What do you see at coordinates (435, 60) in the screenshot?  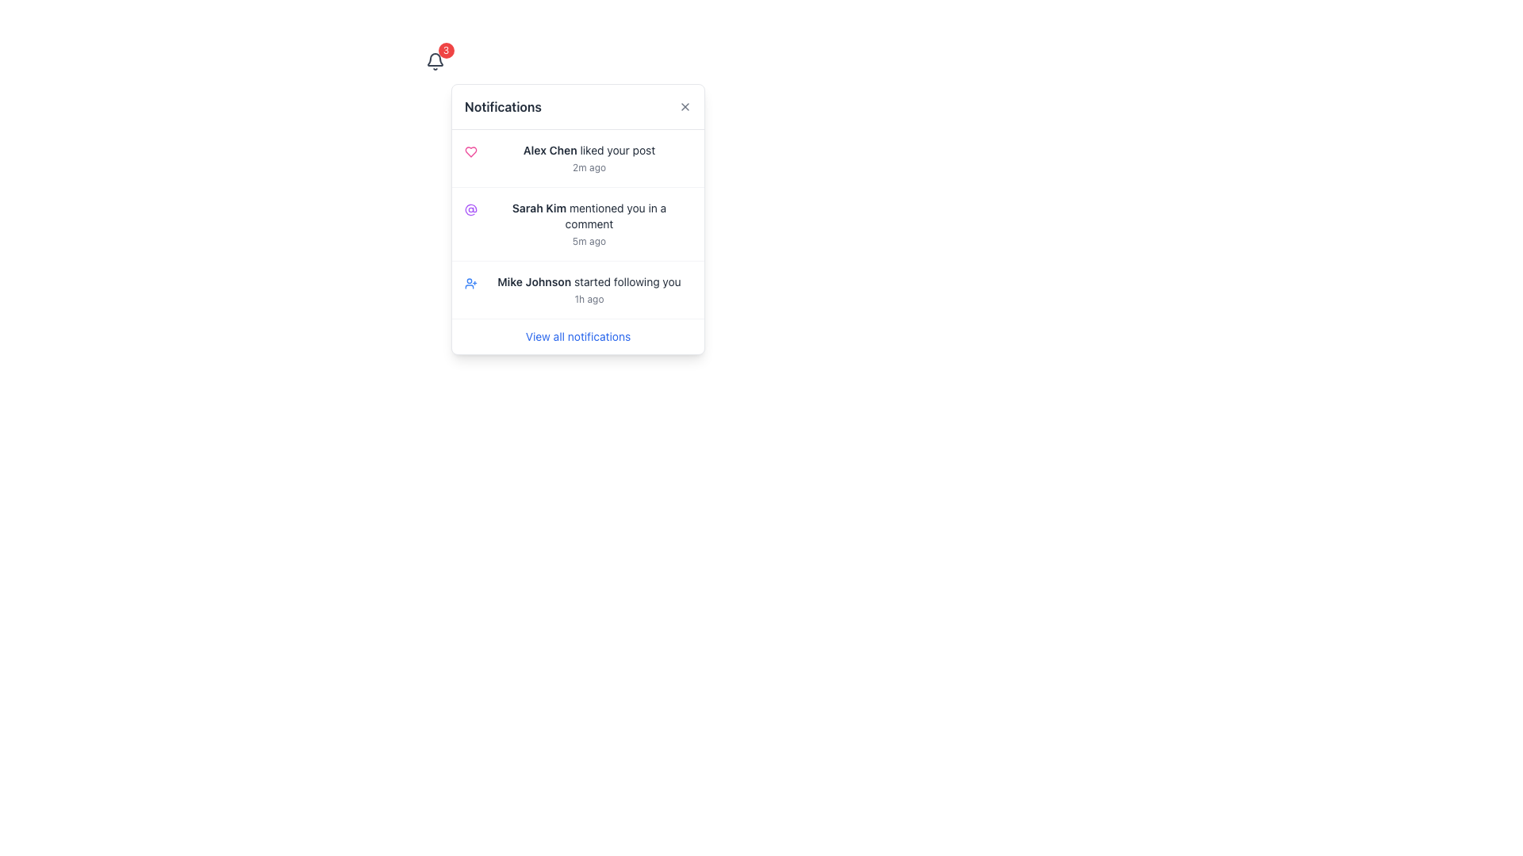 I see `the notification toggle icon located near the top-left corner of the notification section` at bounding box center [435, 60].